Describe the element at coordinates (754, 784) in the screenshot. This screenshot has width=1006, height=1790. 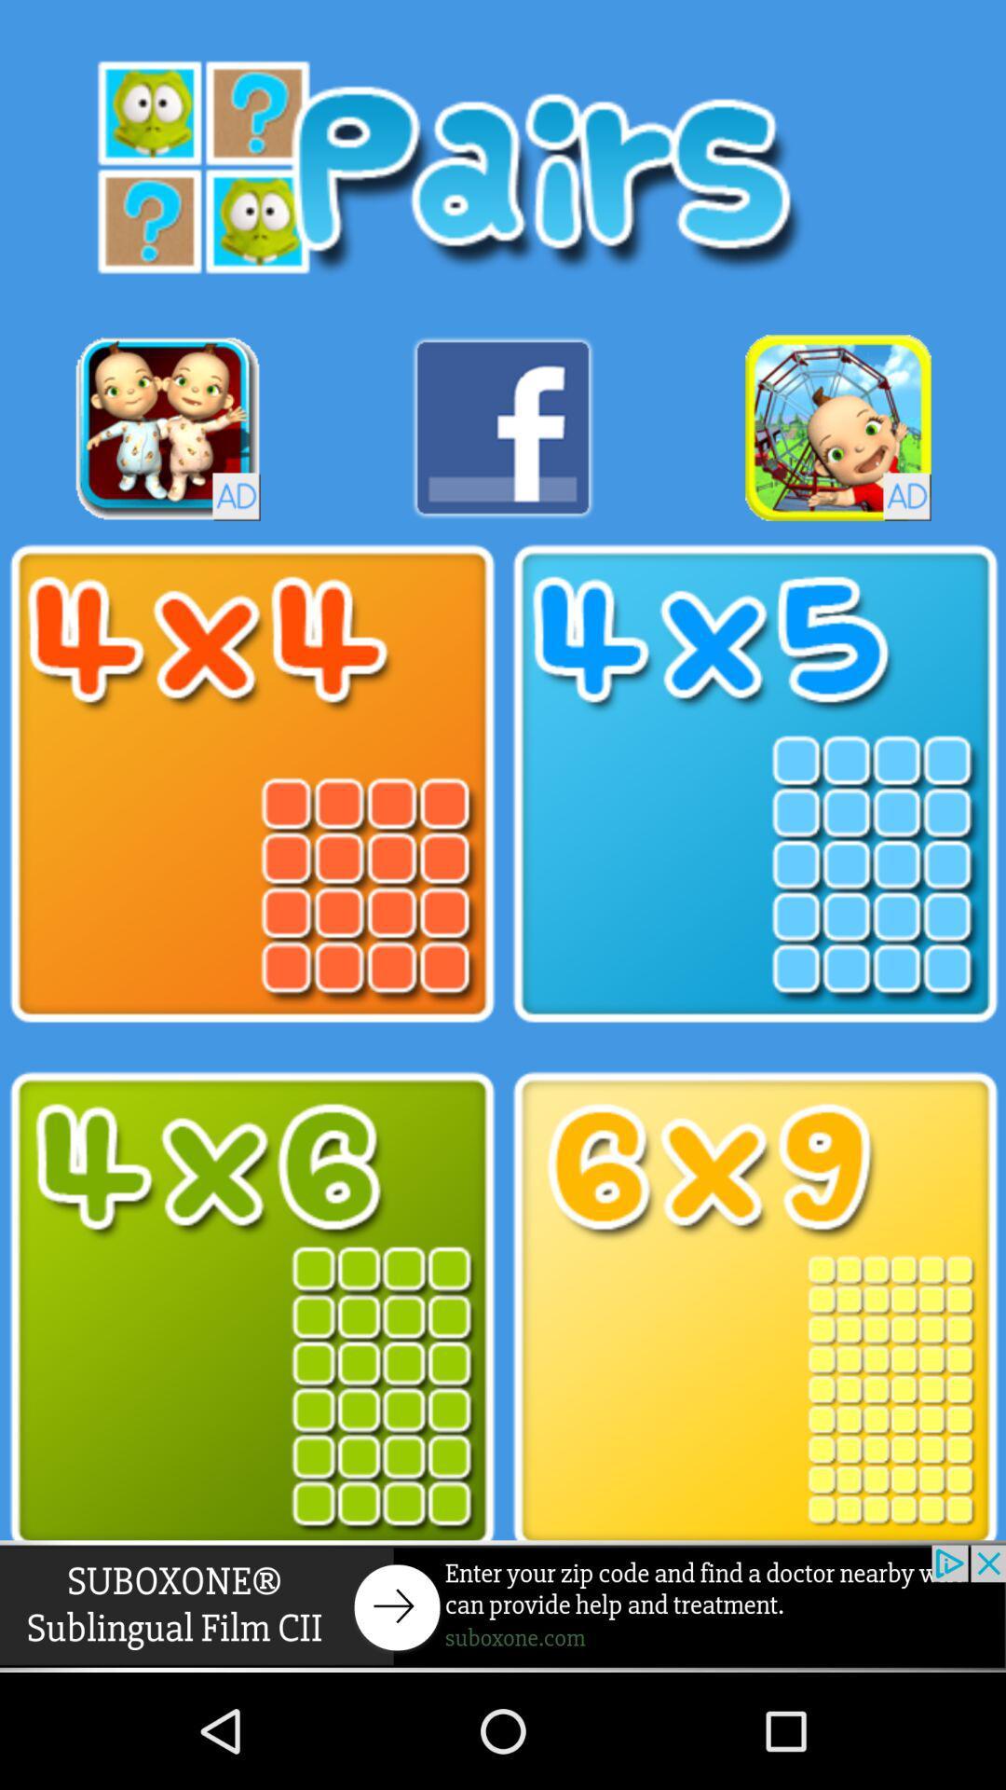
I see `games` at that location.